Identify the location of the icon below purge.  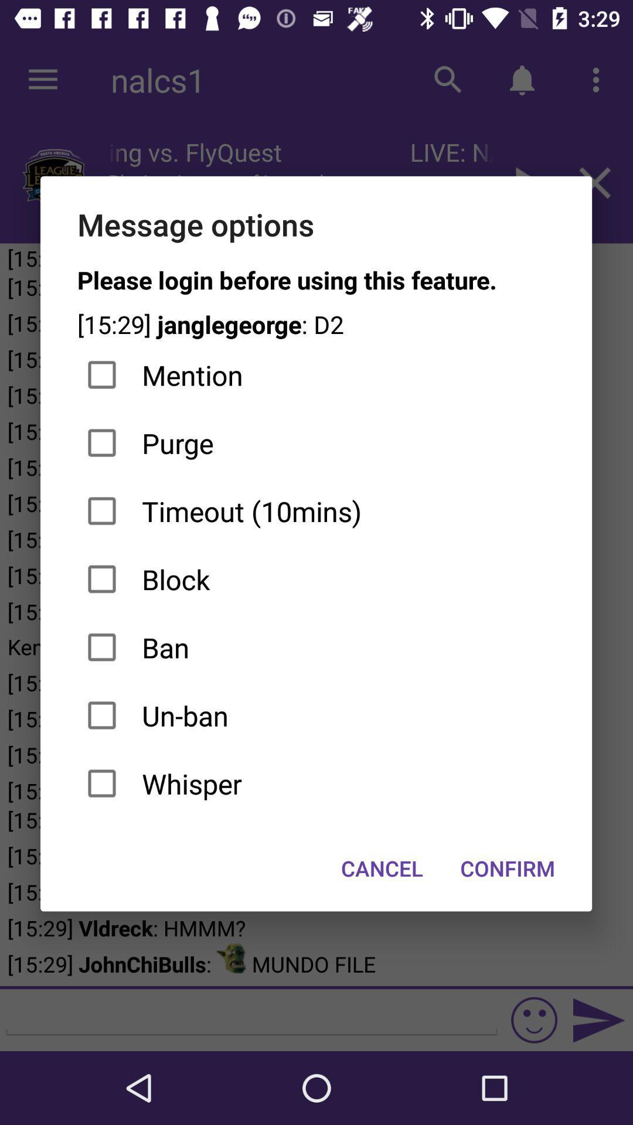
(315, 511).